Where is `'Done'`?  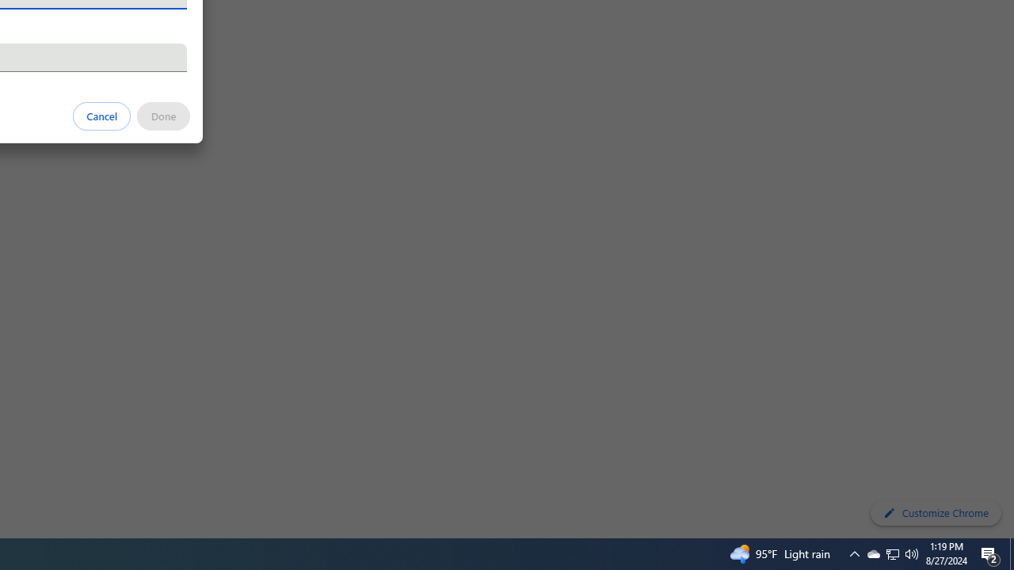 'Done' is located at coordinates (163, 115).